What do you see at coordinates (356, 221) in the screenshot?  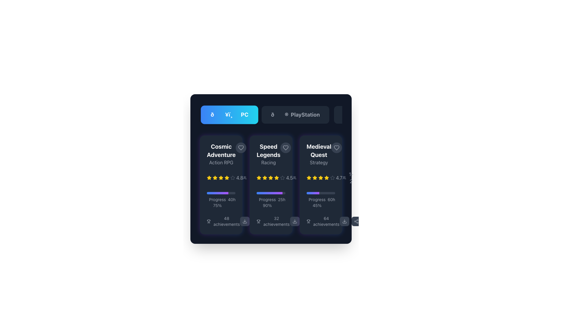 I see `the share icon, which is a graphical depiction of a share action located centrally within a rounded rectangle button at the lower-right corner of the interface, to initiate a share action` at bounding box center [356, 221].